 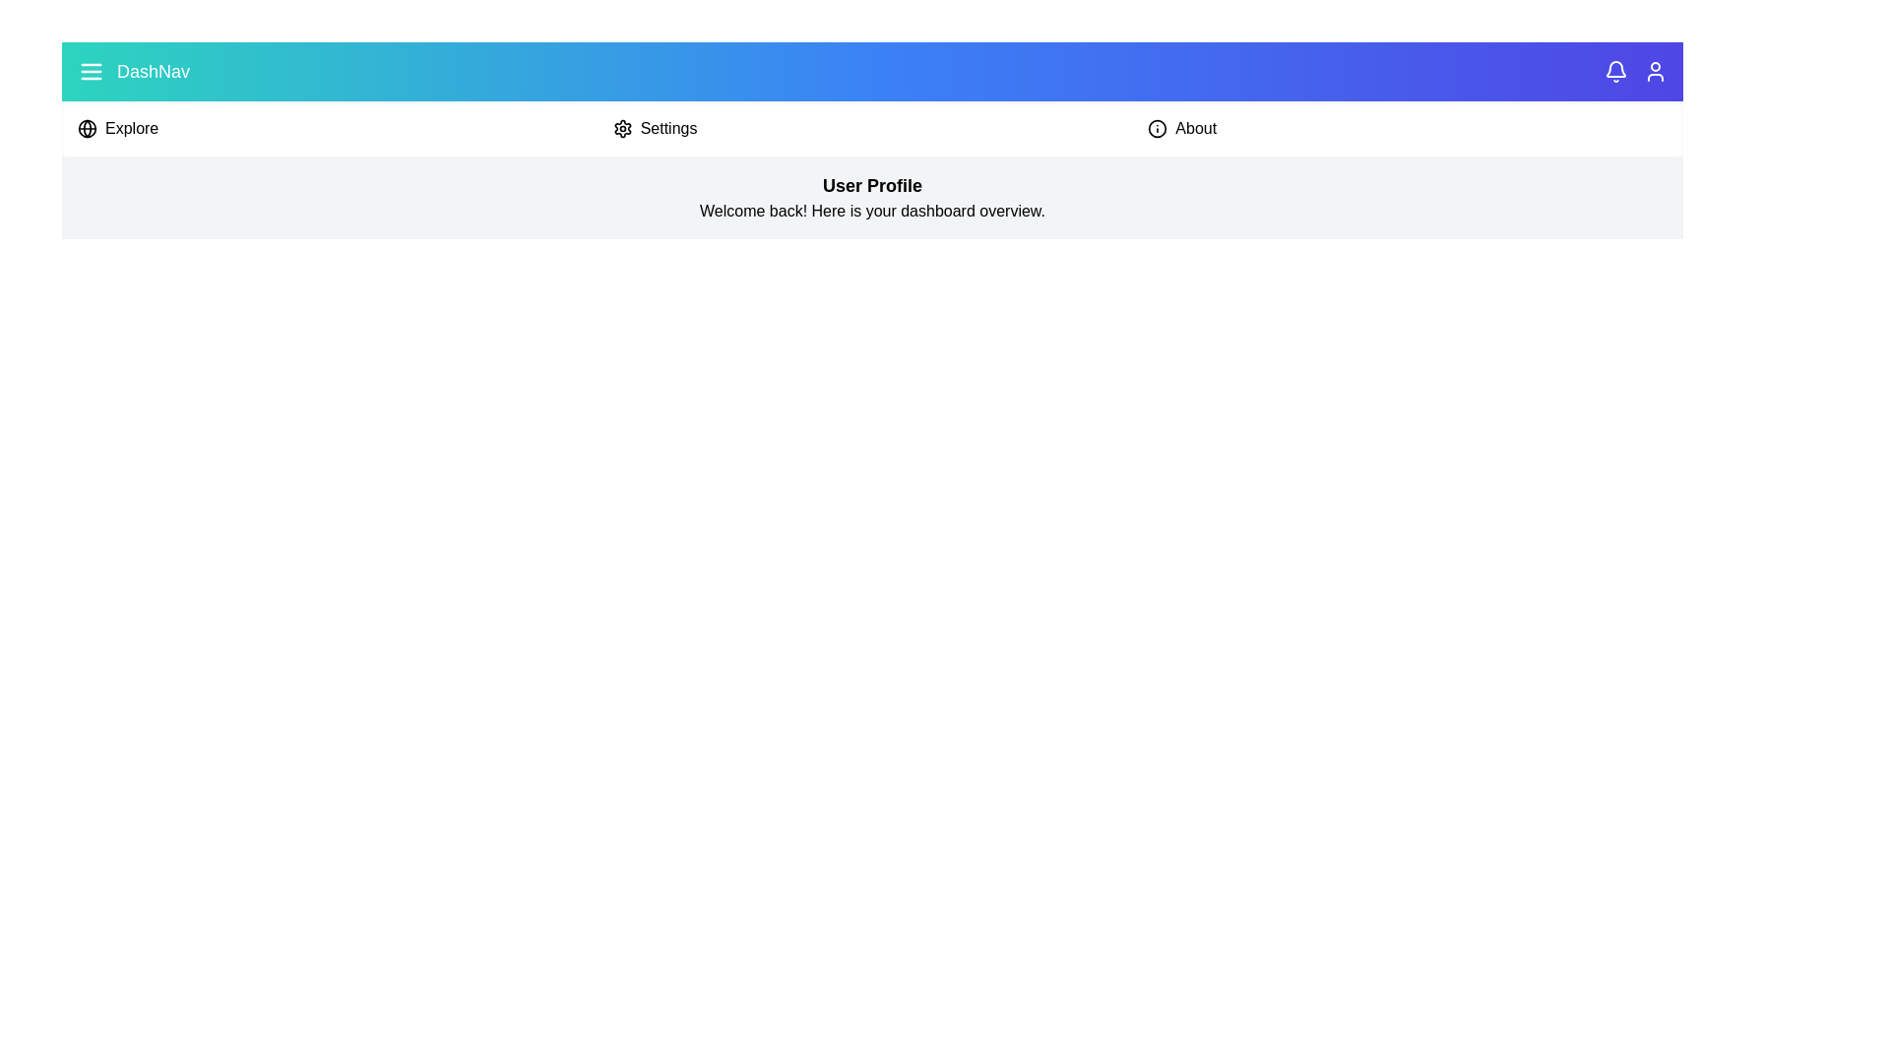 What do you see at coordinates (1615, 71) in the screenshot?
I see `the bell_icon to see its interactive state` at bounding box center [1615, 71].